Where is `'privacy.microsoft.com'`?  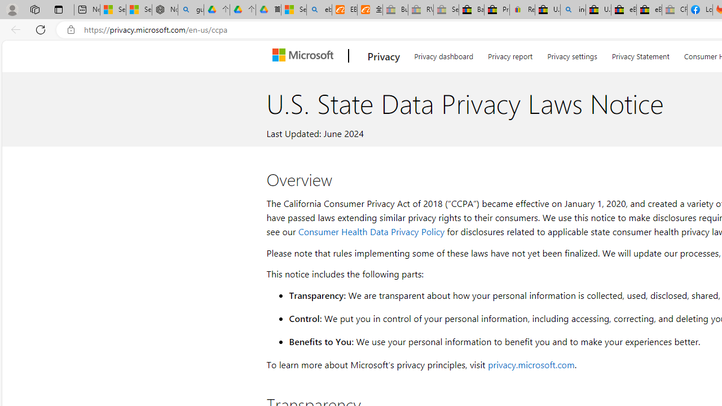
'privacy.microsoft.com' is located at coordinates (530, 364).